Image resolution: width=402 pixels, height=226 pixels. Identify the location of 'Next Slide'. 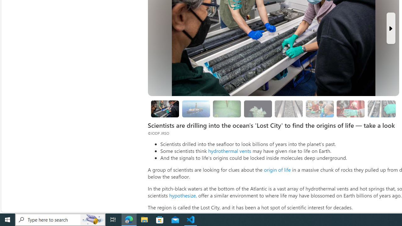
(390, 28).